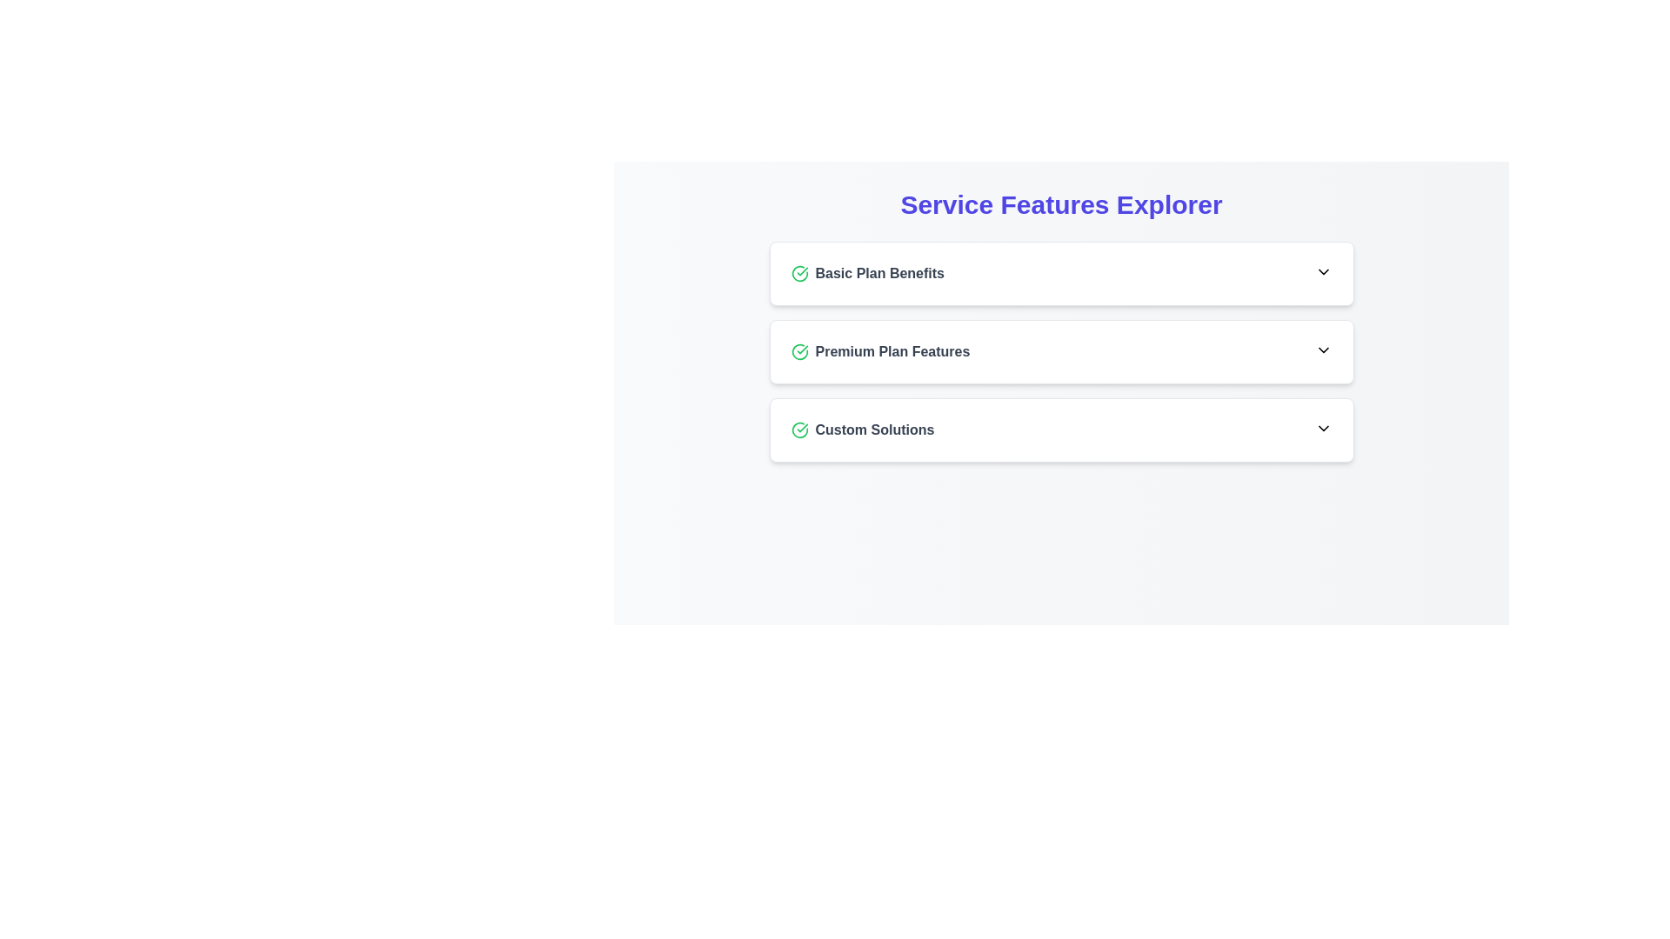 The width and height of the screenshot is (1670, 939). What do you see at coordinates (1322, 271) in the screenshot?
I see `the Chevron Down icon` at bounding box center [1322, 271].